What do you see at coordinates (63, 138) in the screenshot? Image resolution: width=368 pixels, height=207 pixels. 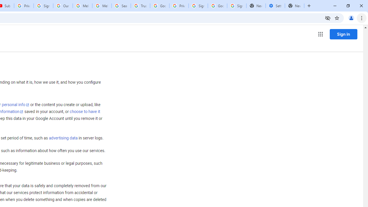 I see `'advertising data'` at bounding box center [63, 138].